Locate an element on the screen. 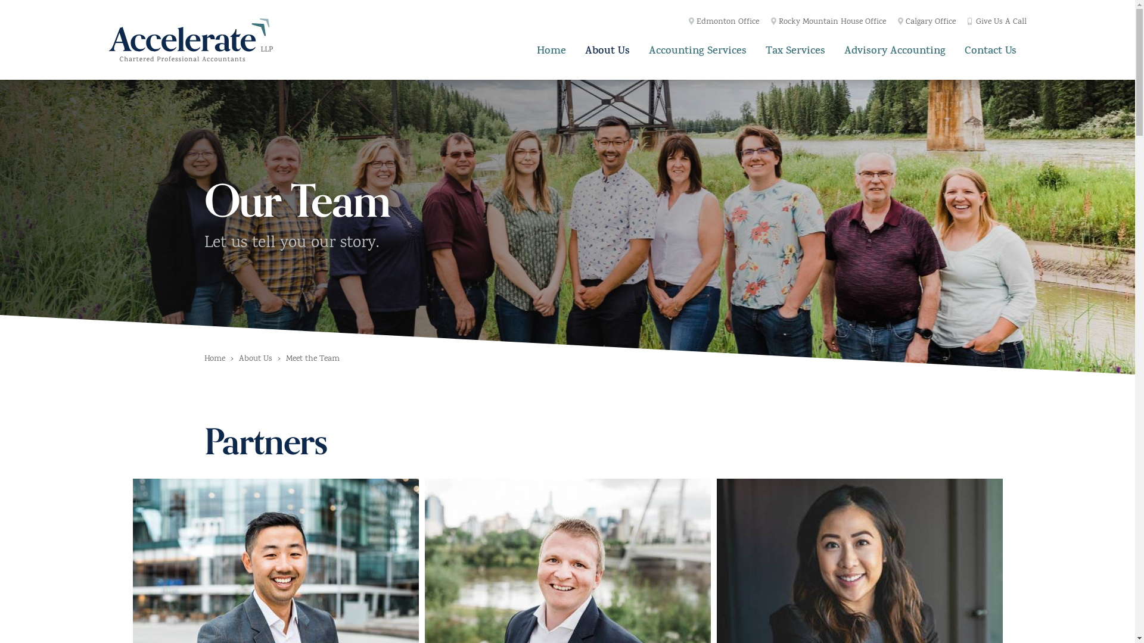 This screenshot has width=1144, height=643. 'About Us' is located at coordinates (607, 49).